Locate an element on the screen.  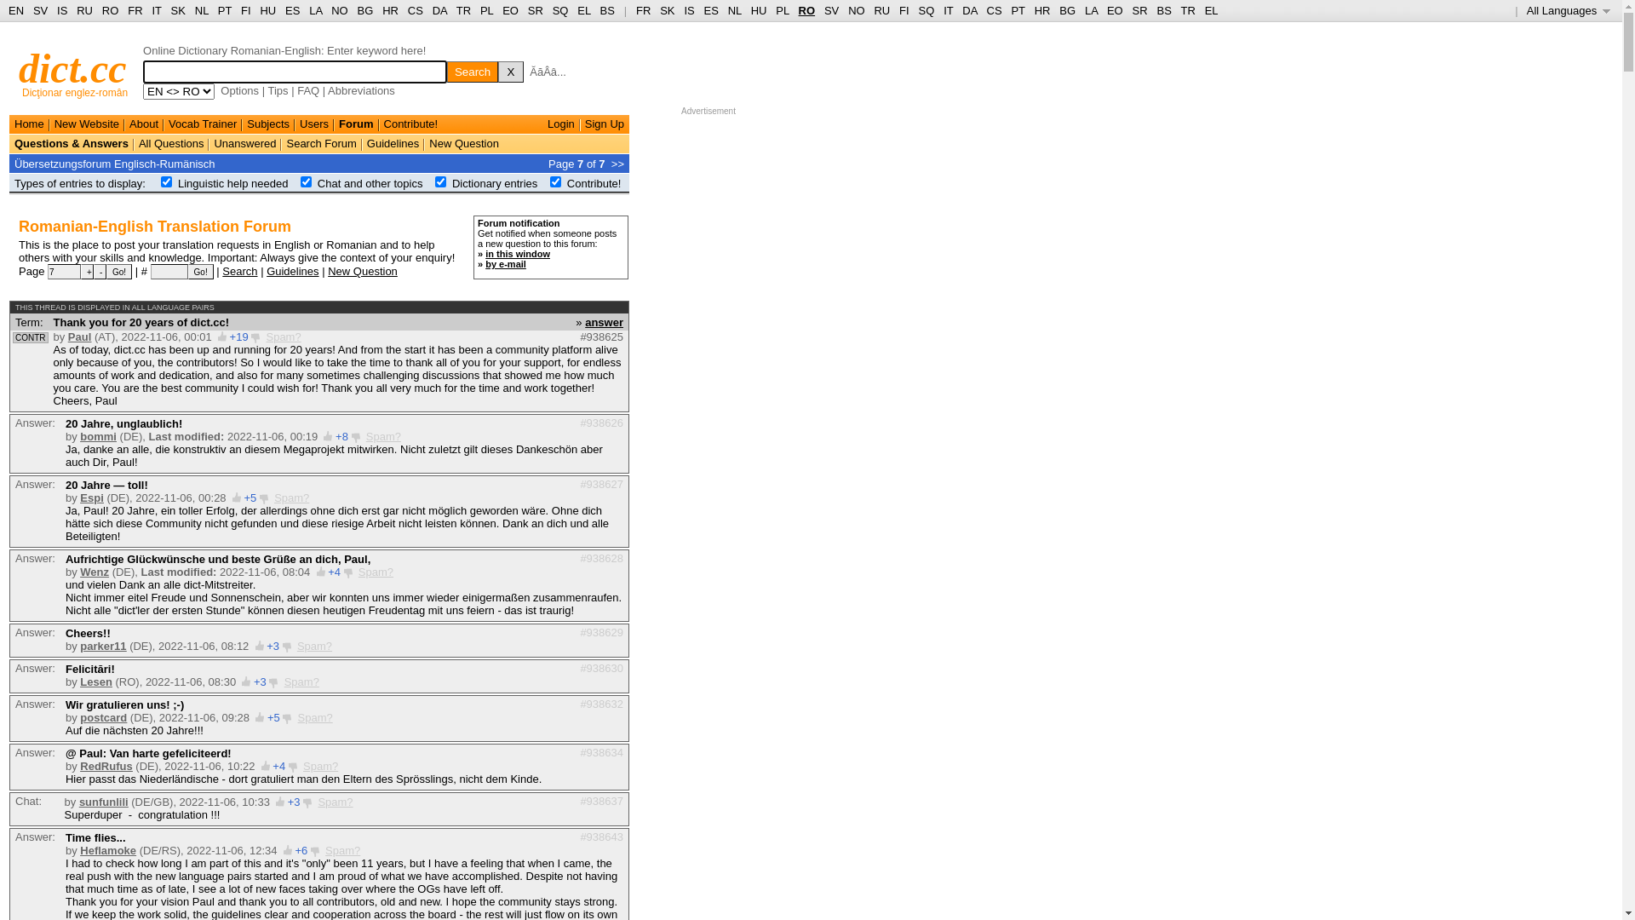
'+4' is located at coordinates (278, 765).